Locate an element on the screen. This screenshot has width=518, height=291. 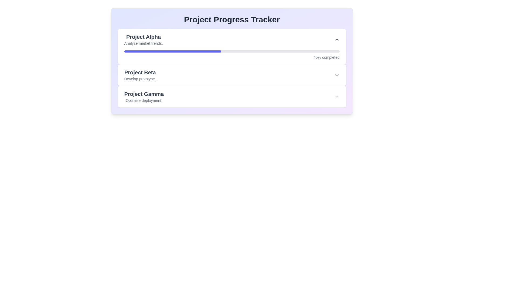
the main heading text label that serves as the title for the project tracking dashboard is located at coordinates (232, 19).